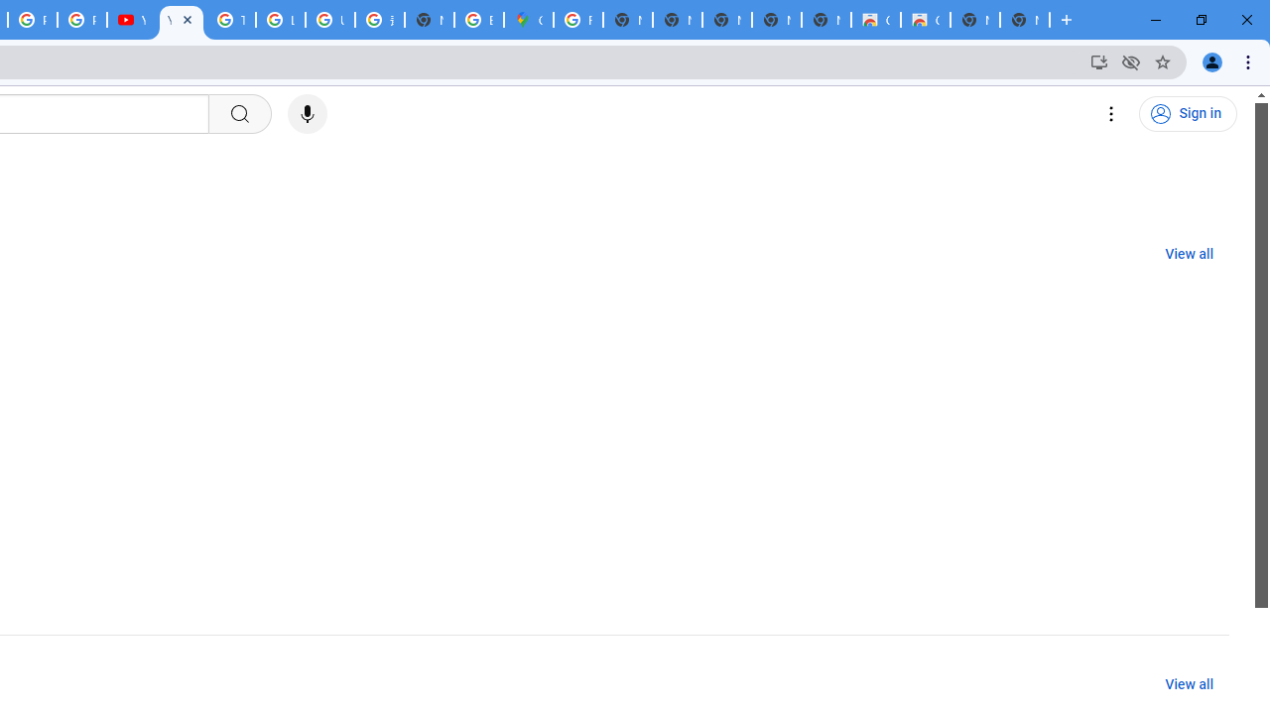 The image size is (1270, 714). I want to click on 'Settings', so click(1111, 114).